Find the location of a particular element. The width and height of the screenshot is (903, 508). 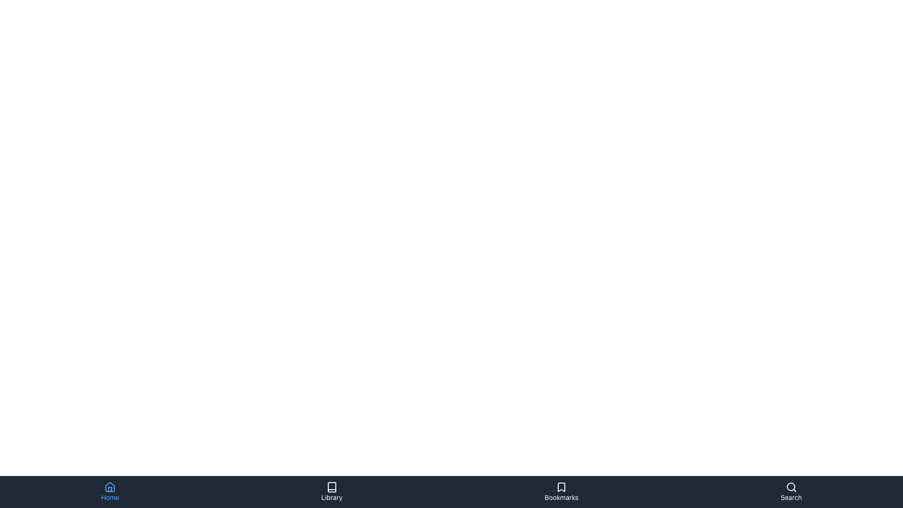

the 'Bookmarks' icon in the bottom navigation bar is located at coordinates (562, 487).